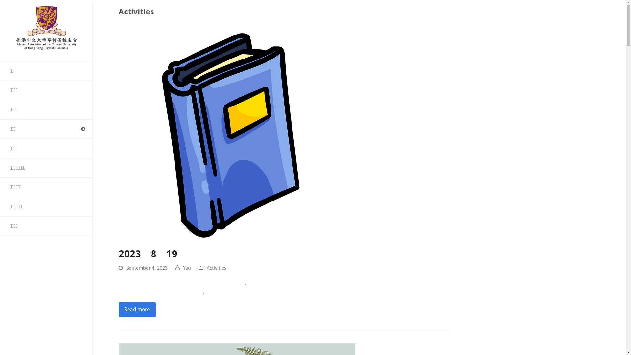  Describe the element at coordinates (187, 268) in the screenshot. I see `'Yau'` at that location.